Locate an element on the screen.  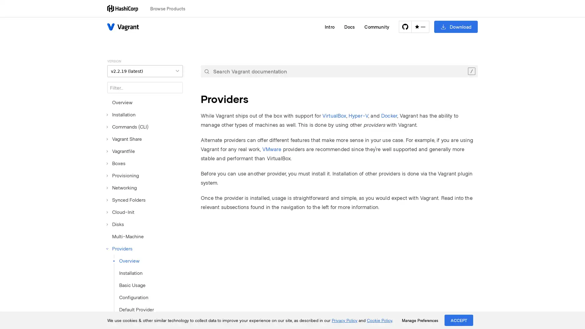
Vagrant Share is located at coordinates (124, 139).